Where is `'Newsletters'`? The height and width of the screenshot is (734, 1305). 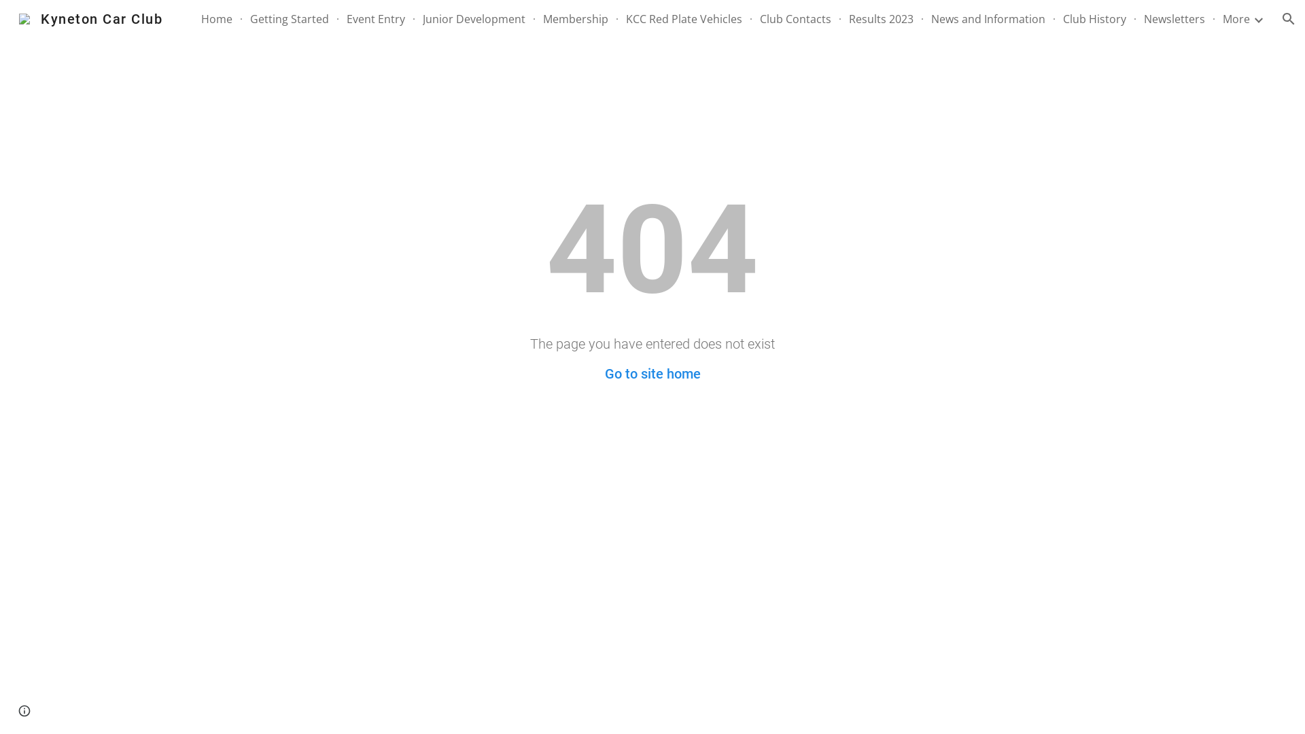 'Newsletters' is located at coordinates (1174, 18).